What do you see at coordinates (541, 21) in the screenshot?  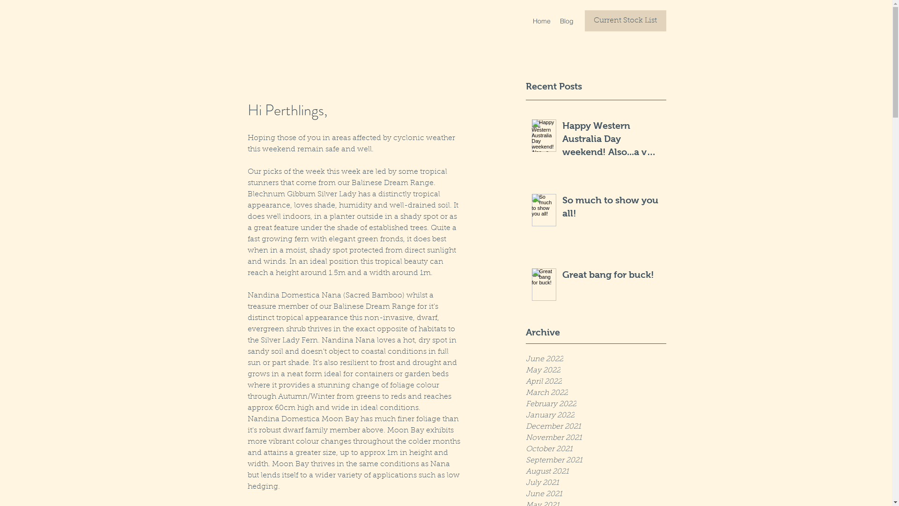 I see `'Home'` at bounding box center [541, 21].